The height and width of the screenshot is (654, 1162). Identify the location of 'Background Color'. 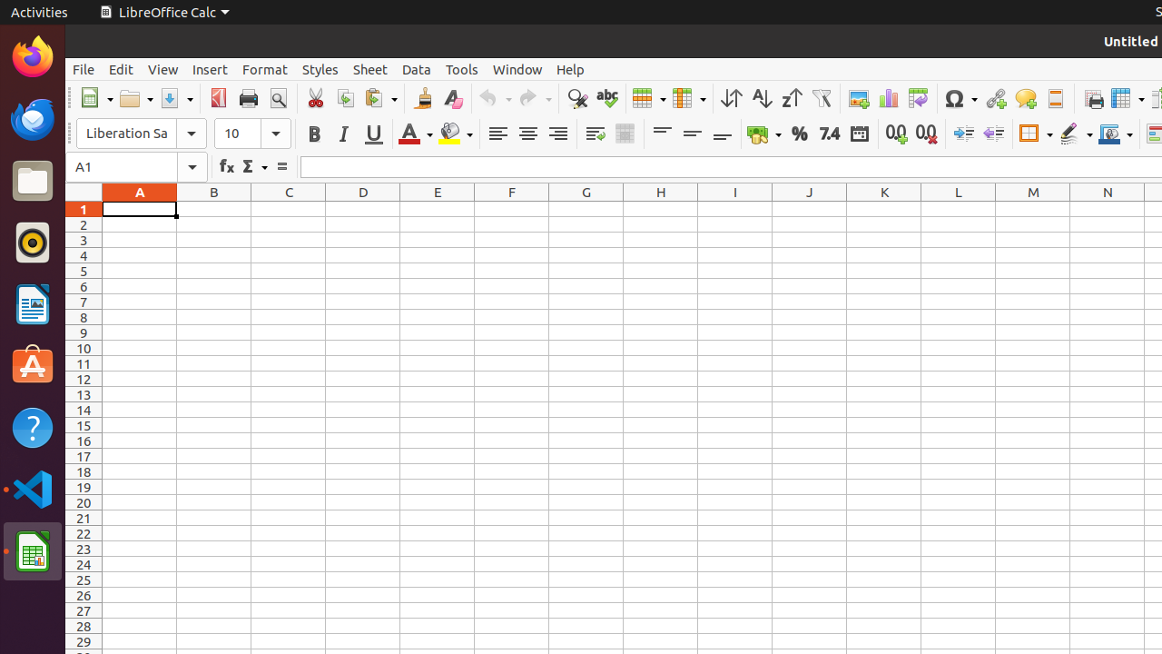
(456, 133).